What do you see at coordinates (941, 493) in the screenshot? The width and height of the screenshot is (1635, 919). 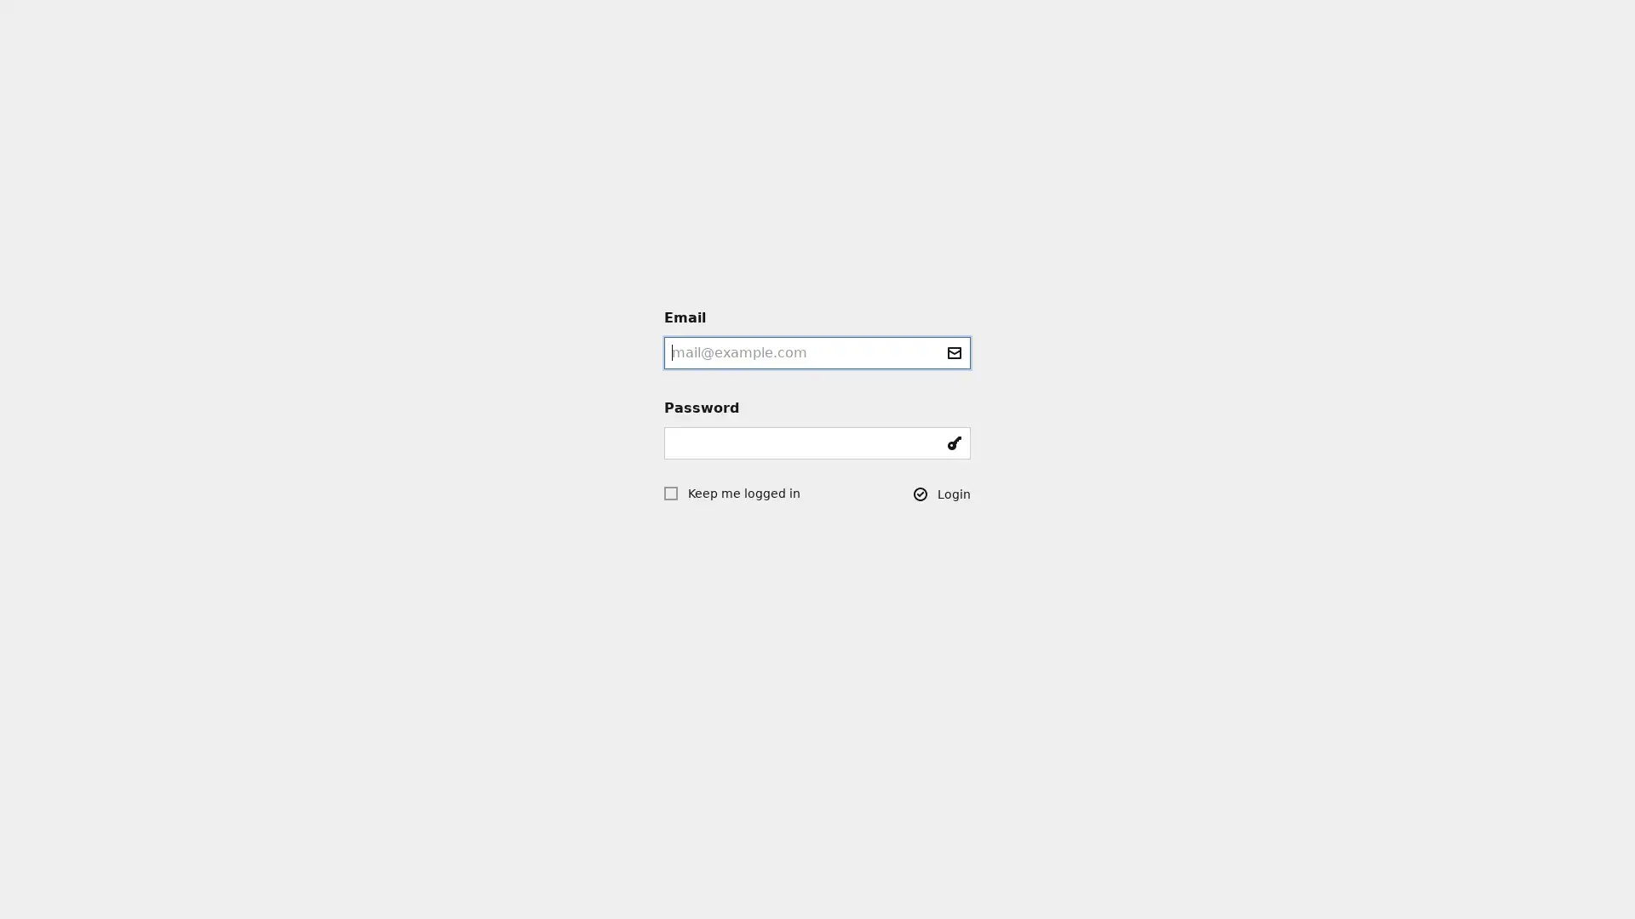 I see `Login` at bounding box center [941, 493].